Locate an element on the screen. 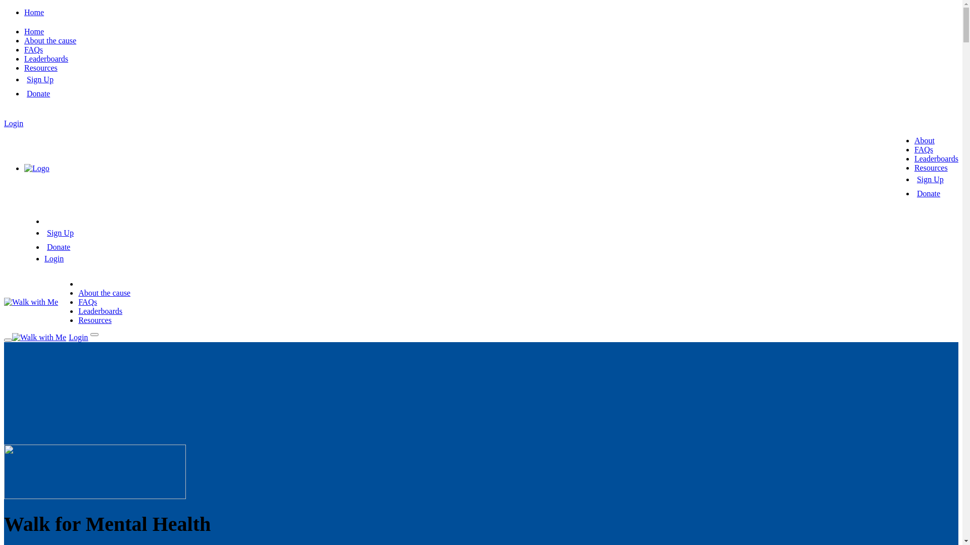  'Home' is located at coordinates (34, 31).